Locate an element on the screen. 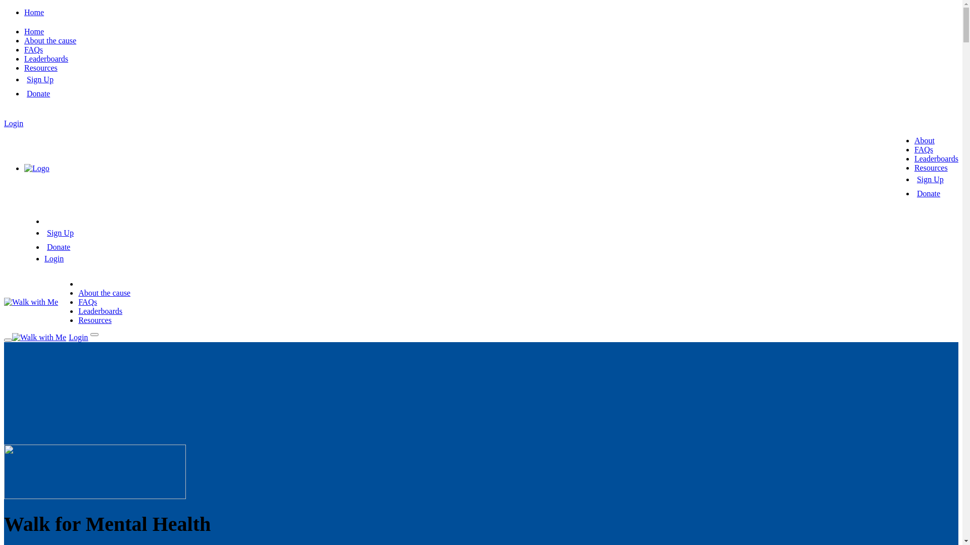  'Home' is located at coordinates (34, 31).